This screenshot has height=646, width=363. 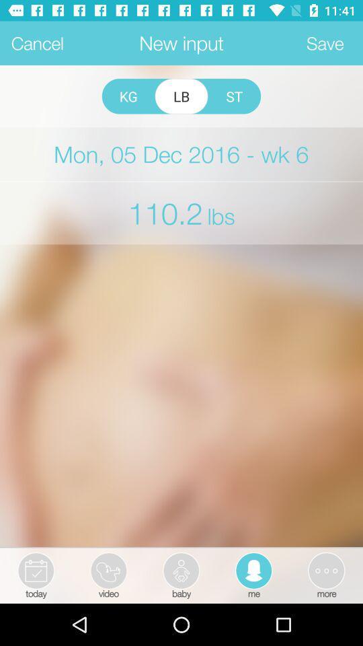 What do you see at coordinates (233, 96) in the screenshot?
I see `button which is right to lb` at bounding box center [233, 96].